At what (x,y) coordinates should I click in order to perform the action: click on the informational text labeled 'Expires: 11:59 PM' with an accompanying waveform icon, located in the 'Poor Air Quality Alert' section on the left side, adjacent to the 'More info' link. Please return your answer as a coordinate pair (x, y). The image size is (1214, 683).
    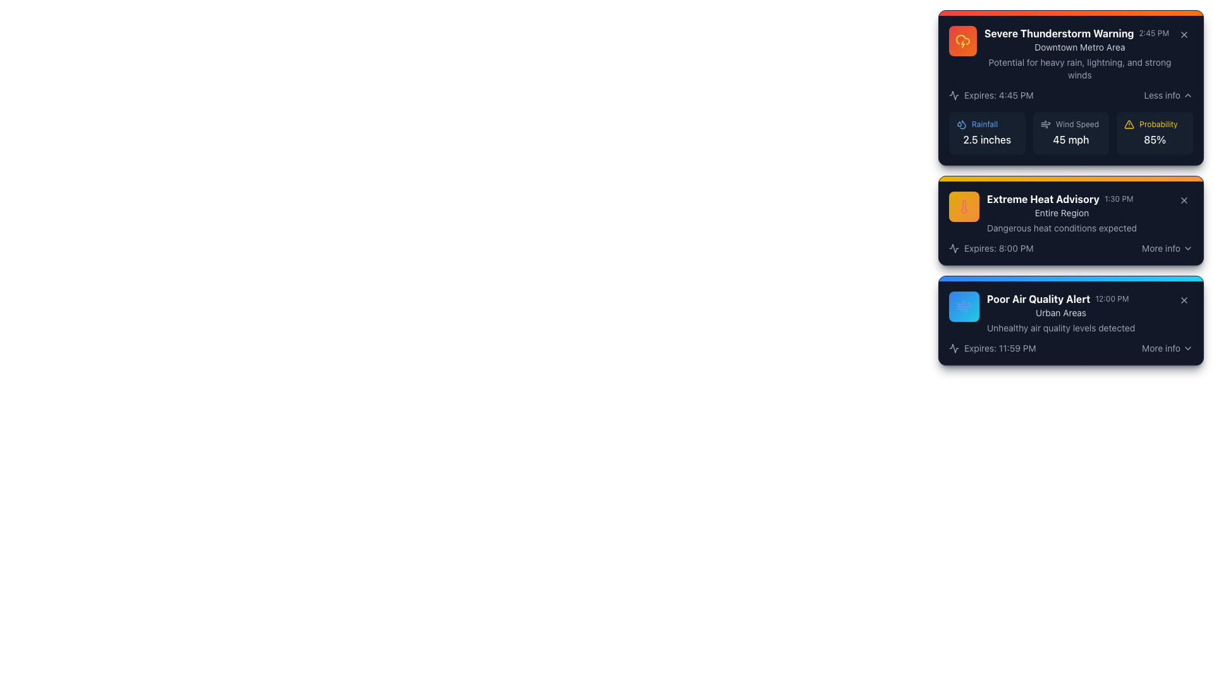
    Looking at the image, I should click on (991, 348).